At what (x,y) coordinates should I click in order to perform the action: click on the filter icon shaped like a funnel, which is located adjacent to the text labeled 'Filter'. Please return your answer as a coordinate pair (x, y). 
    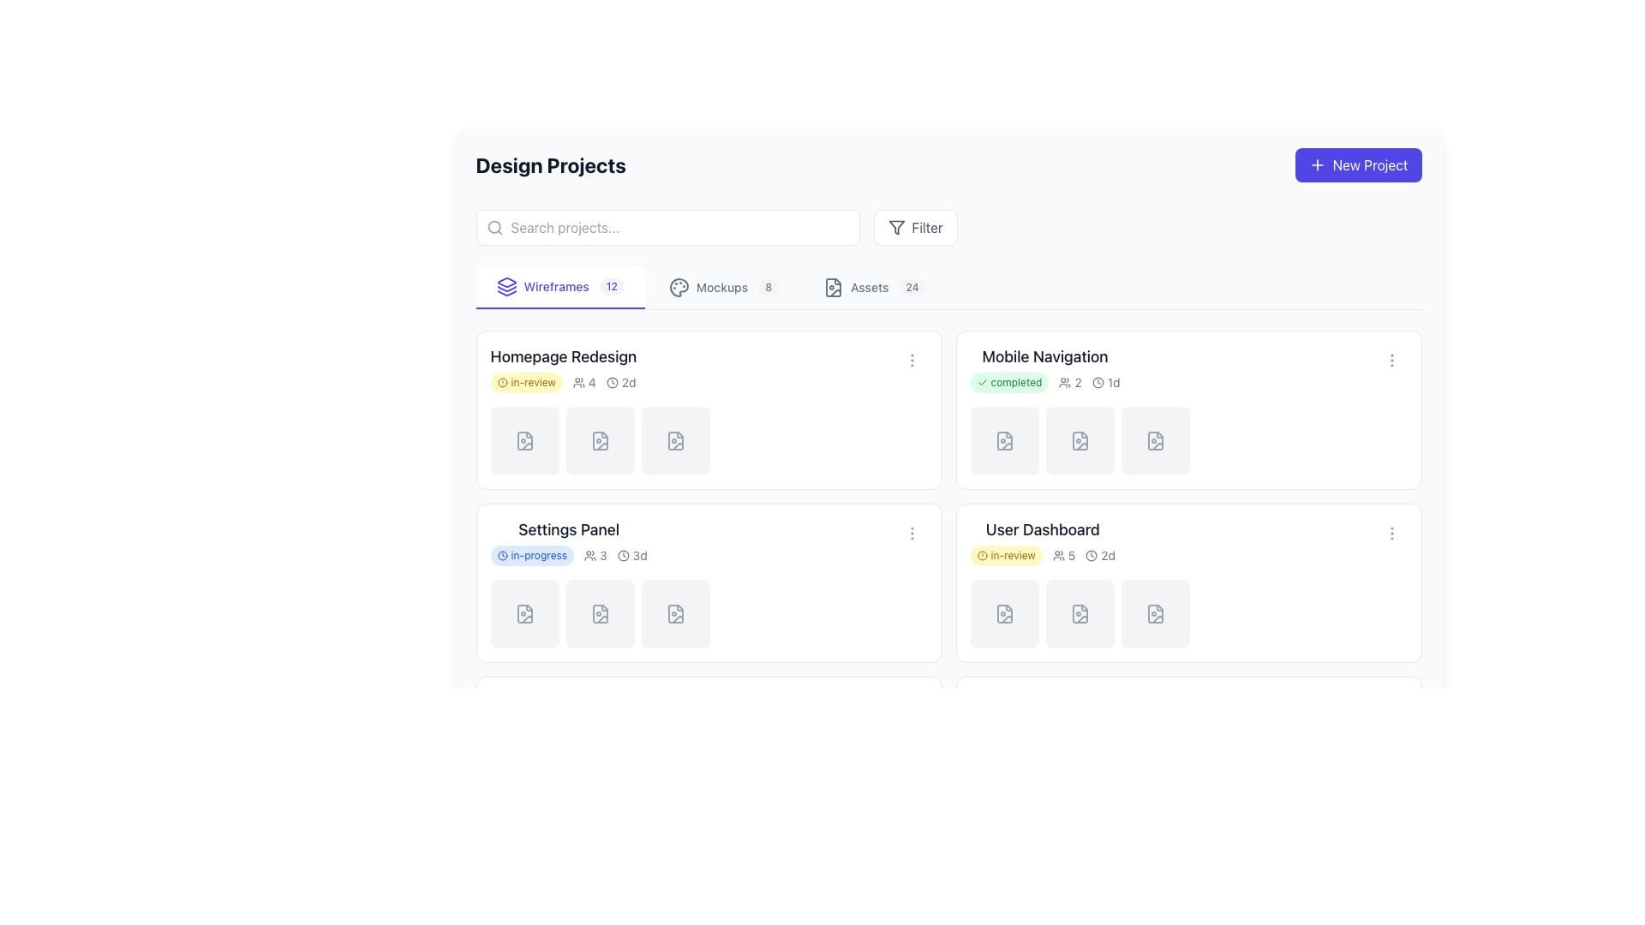
    Looking at the image, I should click on (895, 227).